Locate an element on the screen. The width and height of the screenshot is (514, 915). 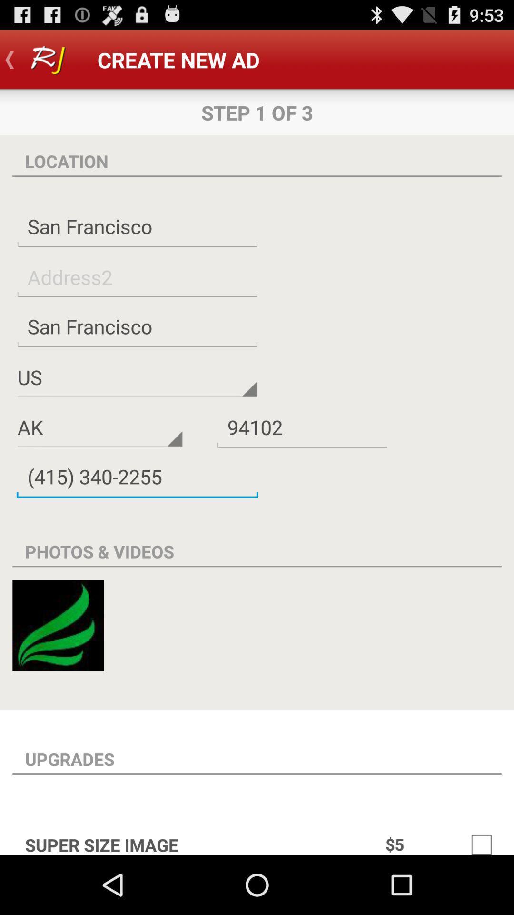
mark to select is located at coordinates (481, 840).